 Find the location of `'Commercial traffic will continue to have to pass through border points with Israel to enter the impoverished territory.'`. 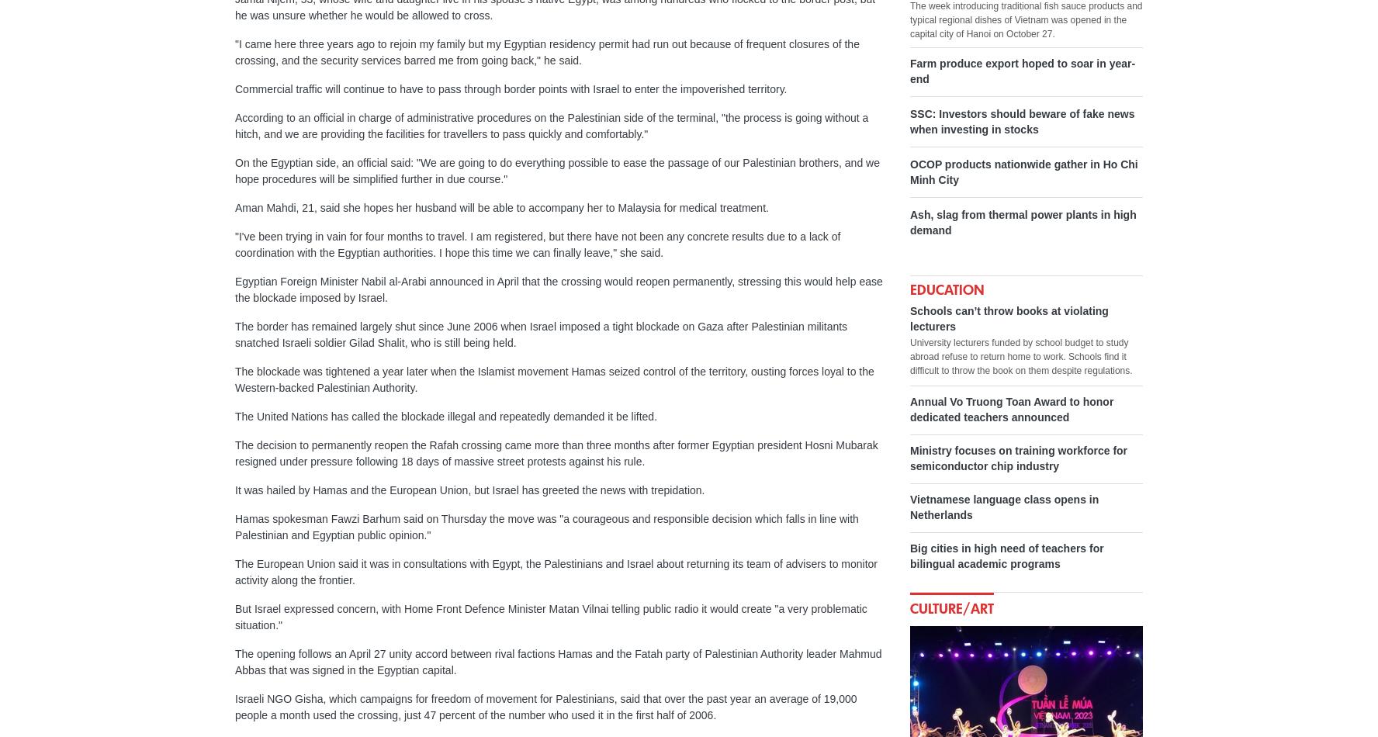

'Commercial traffic will continue to have to pass through border points with Israel to enter the impoverished territory.' is located at coordinates (510, 89).